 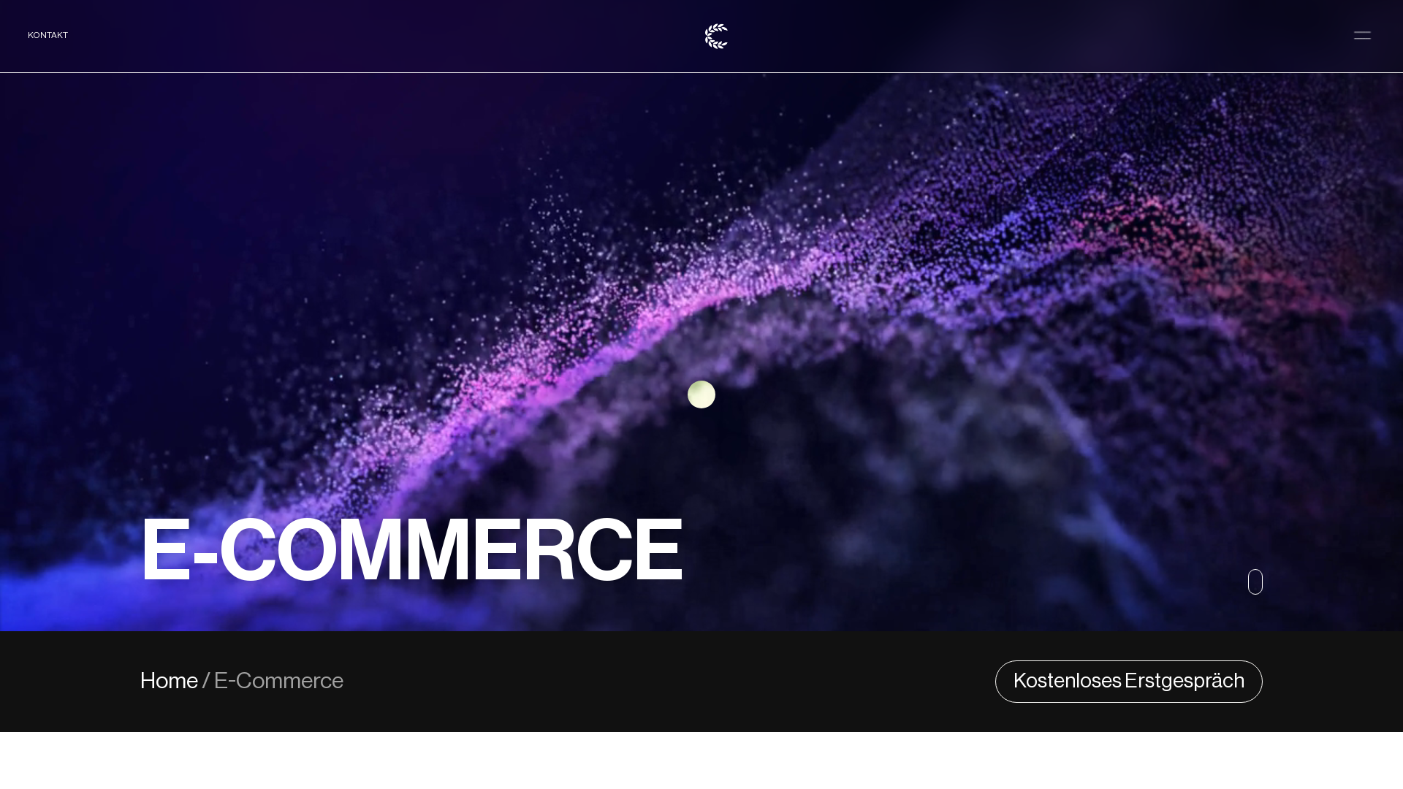 I want to click on 'Home', so click(x=171, y=682).